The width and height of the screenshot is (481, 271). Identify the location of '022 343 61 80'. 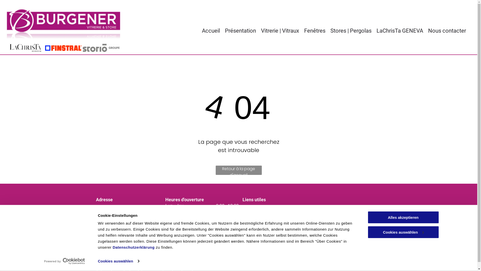
(109, 229).